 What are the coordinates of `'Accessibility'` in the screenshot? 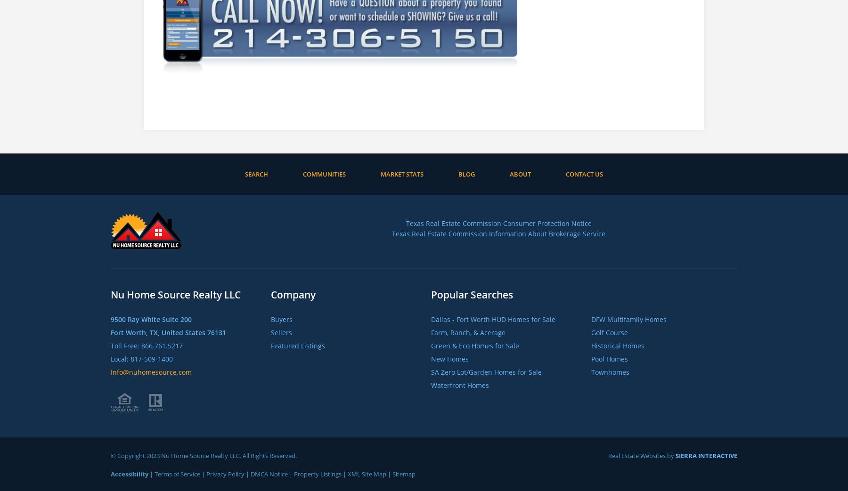 It's located at (129, 473).